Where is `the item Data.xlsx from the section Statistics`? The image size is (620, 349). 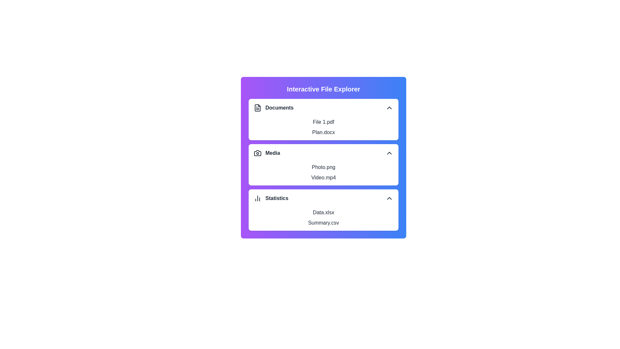 the item Data.xlsx from the section Statistics is located at coordinates (324, 213).